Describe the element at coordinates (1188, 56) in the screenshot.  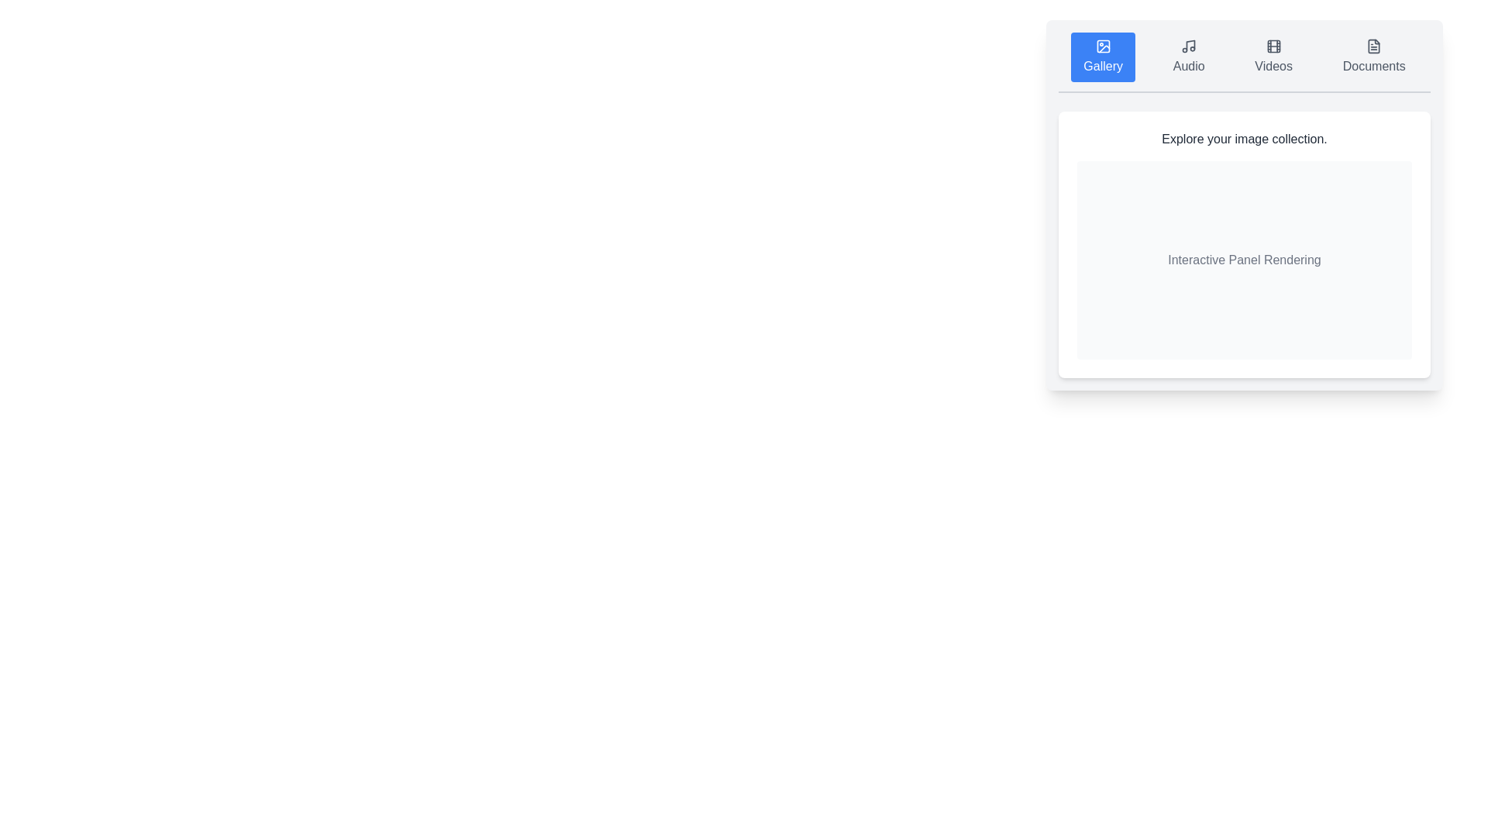
I see `the 'Audio' tab to switch to the music library view` at that location.